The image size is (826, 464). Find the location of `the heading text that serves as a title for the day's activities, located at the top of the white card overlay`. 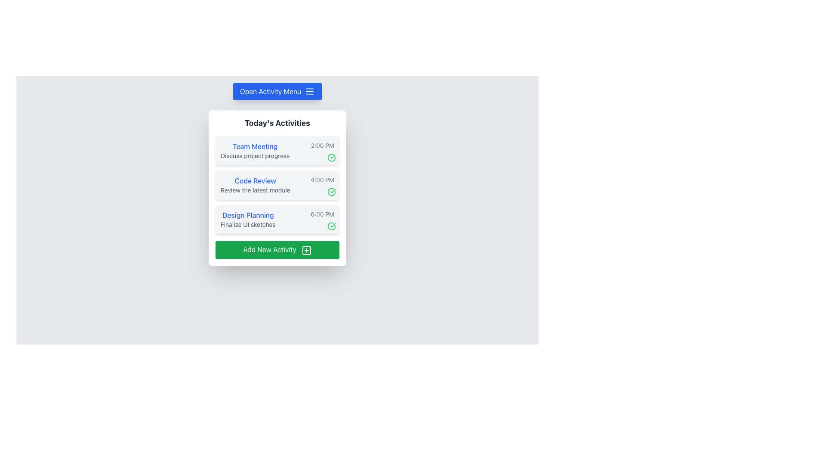

the heading text that serves as a title for the day's activities, located at the top of the white card overlay is located at coordinates (277, 123).